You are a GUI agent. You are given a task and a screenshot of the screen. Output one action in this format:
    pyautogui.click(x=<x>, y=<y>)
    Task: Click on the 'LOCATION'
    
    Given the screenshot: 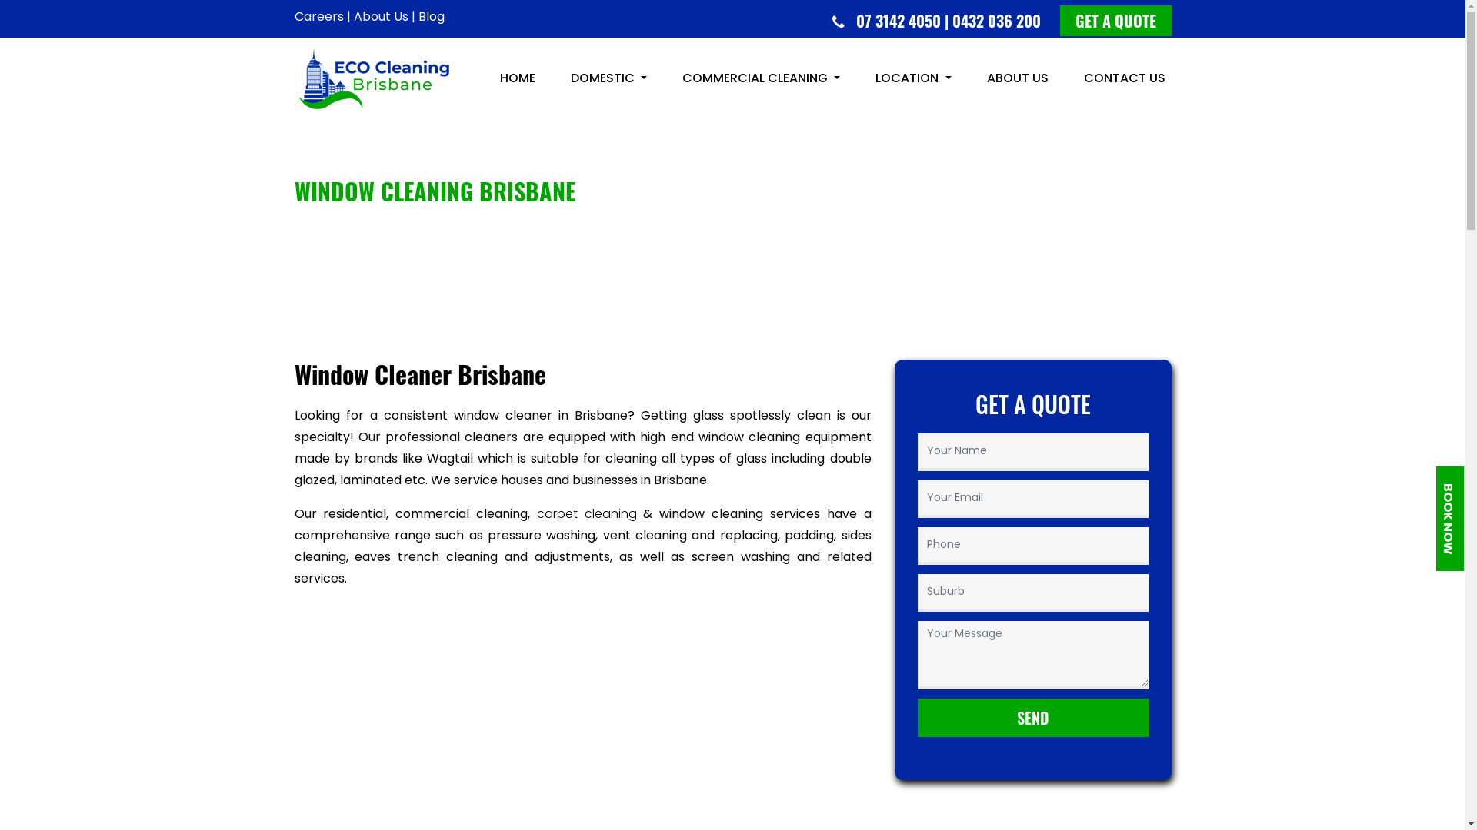 What is the action you would take?
    pyautogui.click(x=912, y=78)
    